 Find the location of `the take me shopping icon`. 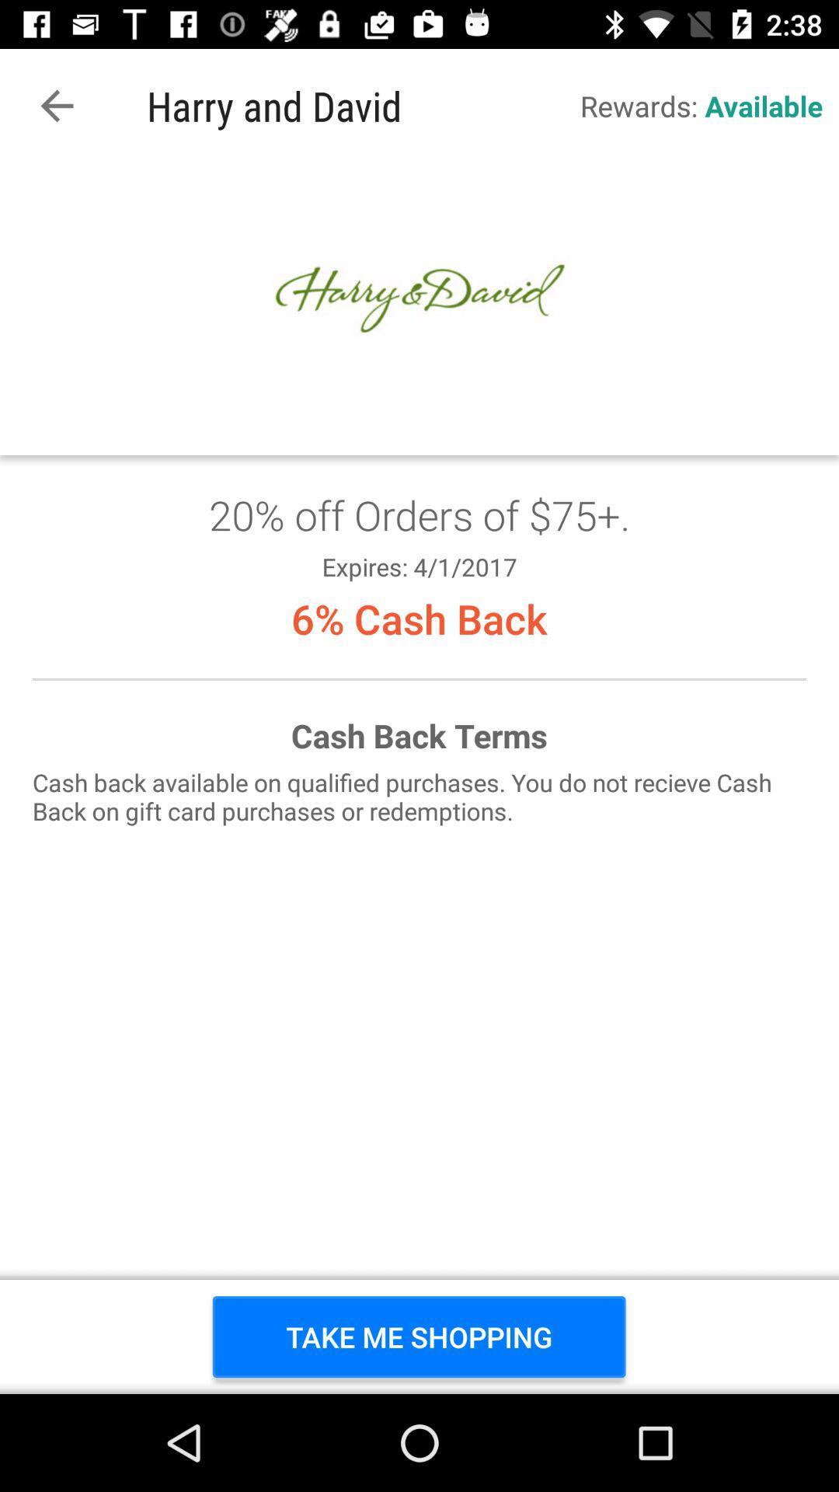

the take me shopping icon is located at coordinates (418, 1336).